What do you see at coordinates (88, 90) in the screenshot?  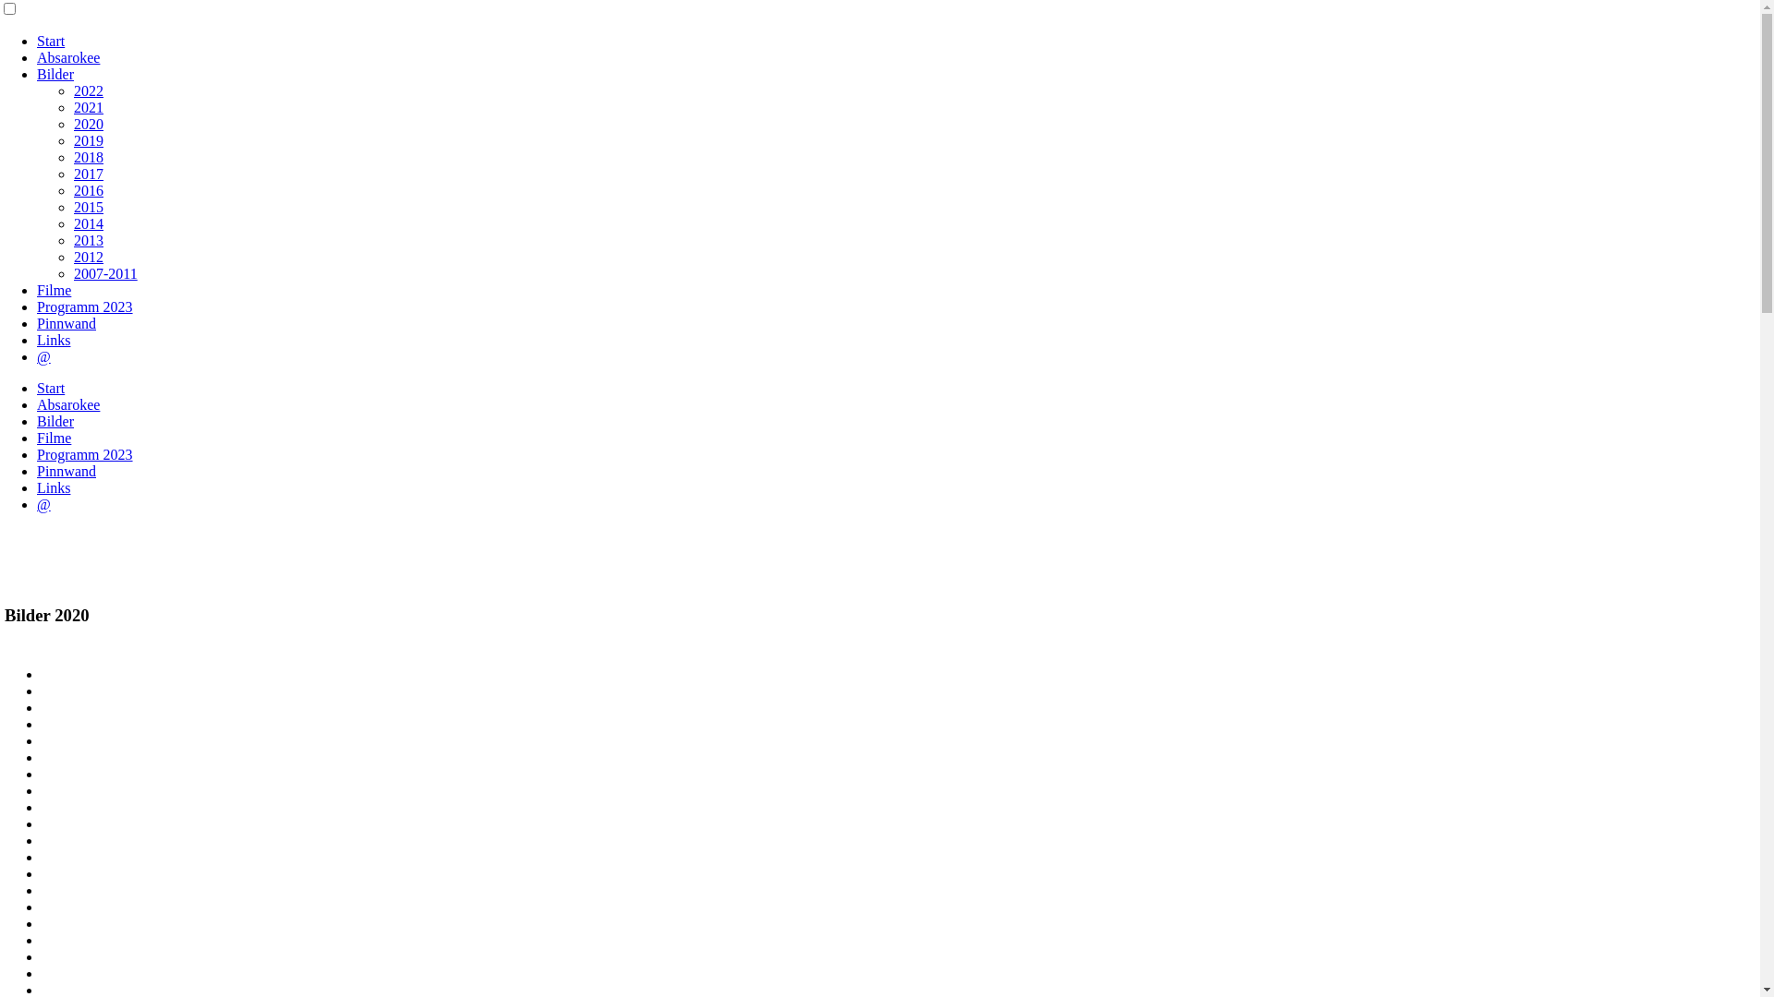 I see `'2022'` at bounding box center [88, 90].